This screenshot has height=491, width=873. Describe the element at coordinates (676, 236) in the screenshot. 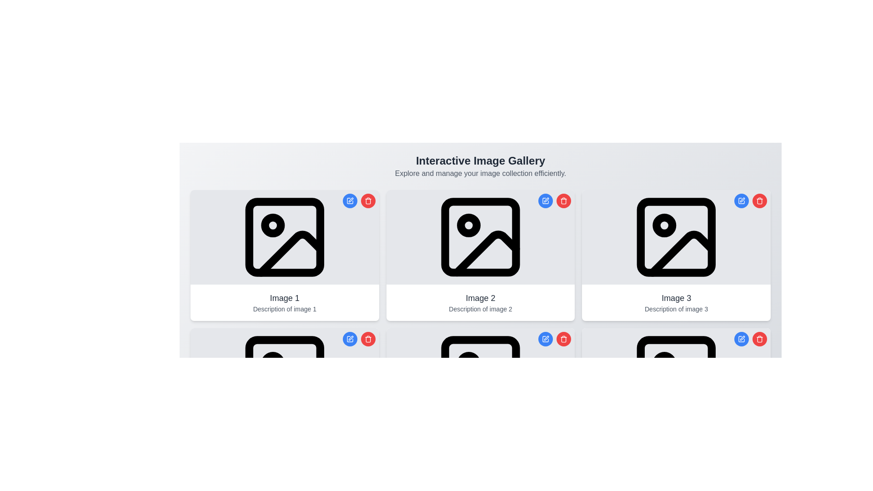

I see `the Image placeholder or SVG graphic in the third card of the first row, titled 'Image 3', which displays an abstract image representation` at that location.